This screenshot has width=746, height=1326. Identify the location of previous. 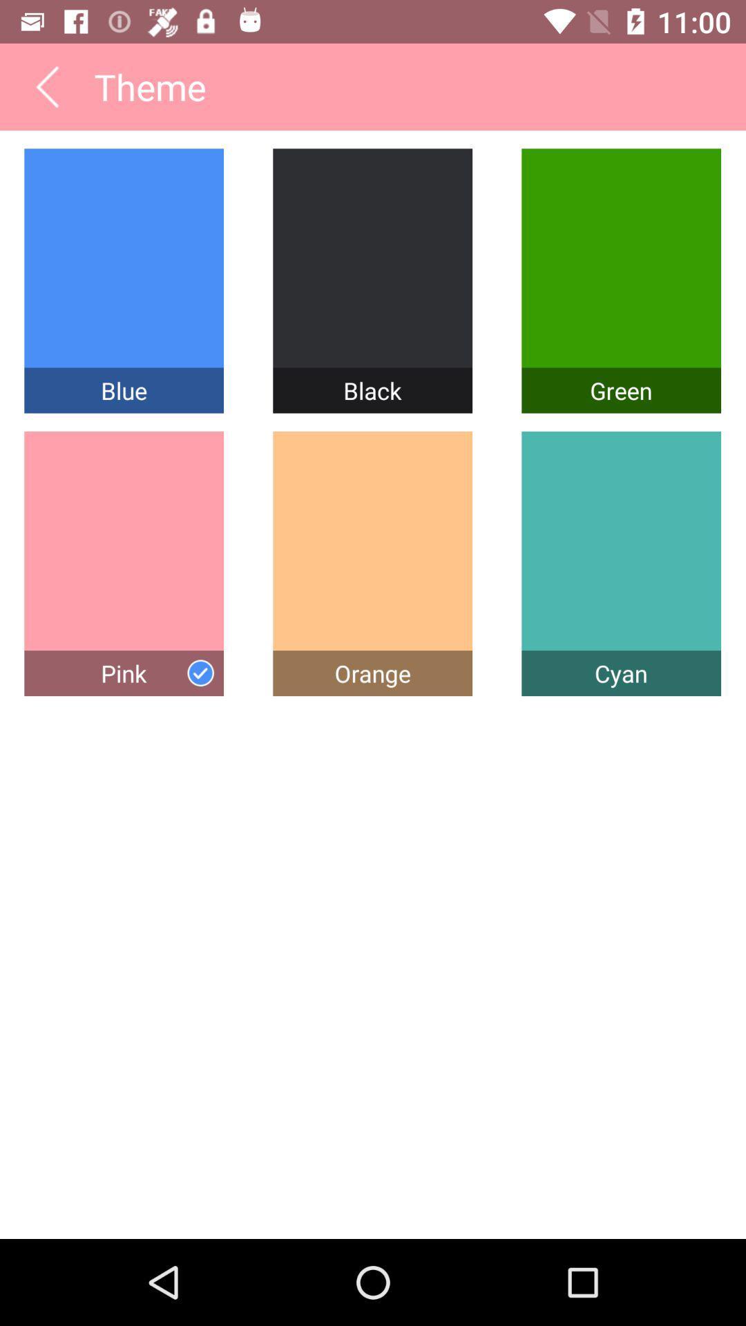
(46, 86).